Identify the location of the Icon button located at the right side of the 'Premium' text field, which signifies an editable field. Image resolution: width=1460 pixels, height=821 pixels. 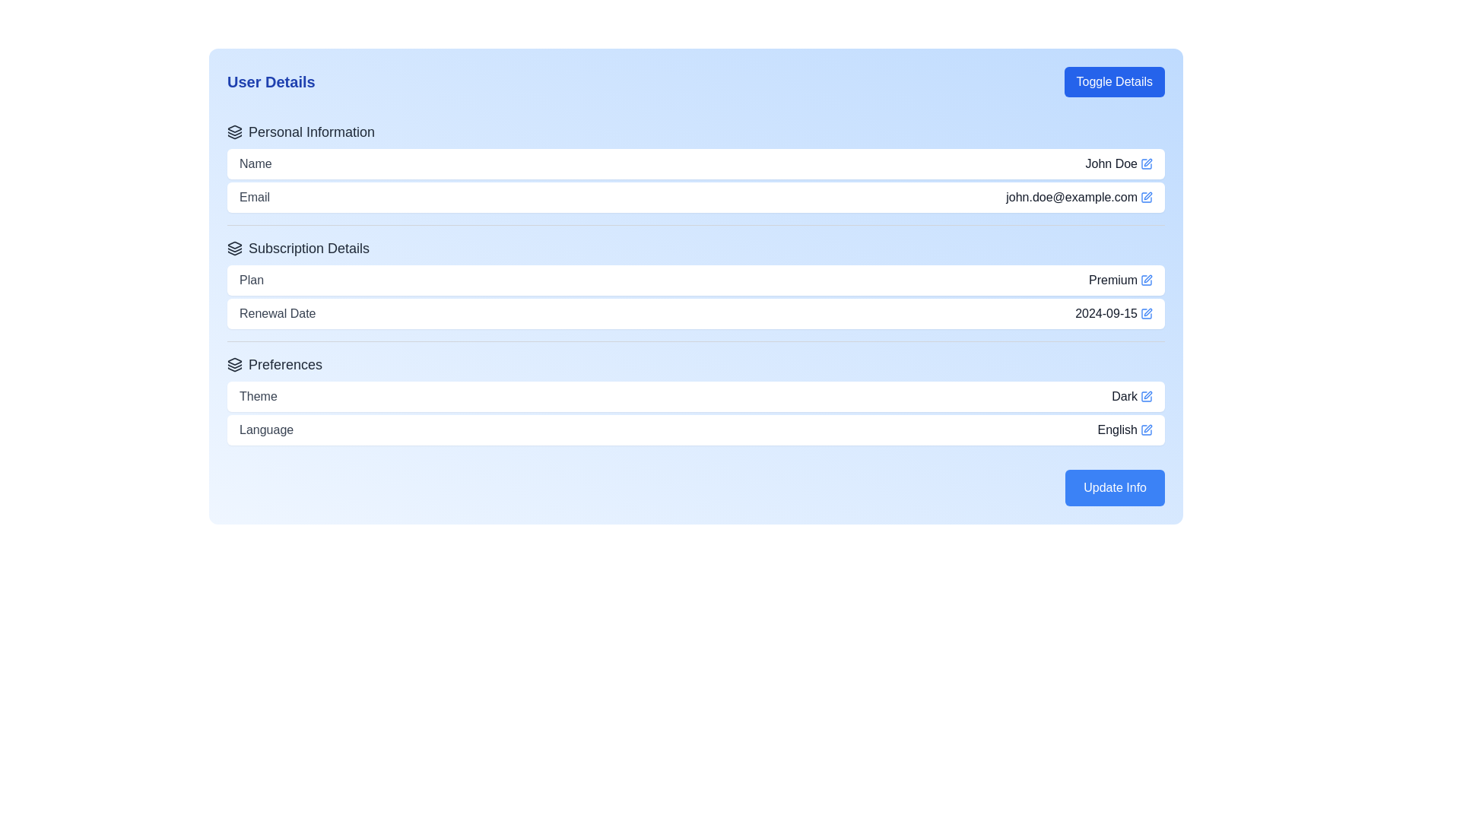
(1148, 278).